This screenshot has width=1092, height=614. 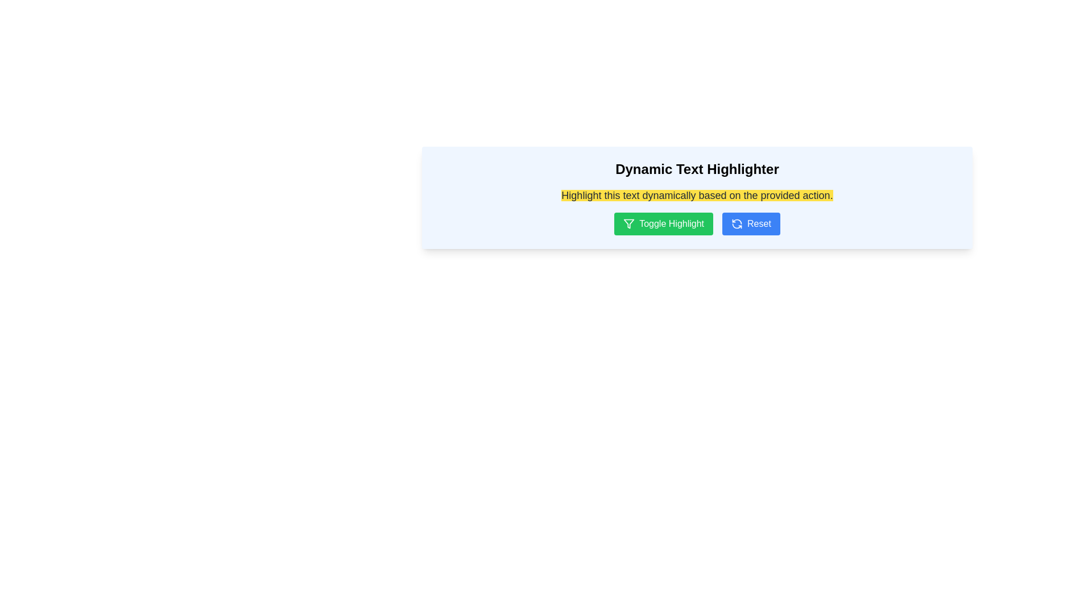 I want to click on the funnel icon located in the top-right corner of the toolbar, so click(x=628, y=223).